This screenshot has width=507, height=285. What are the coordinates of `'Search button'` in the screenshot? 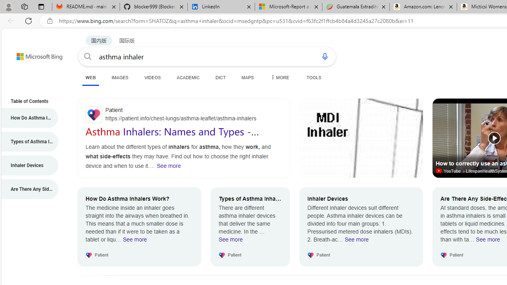 It's located at (88, 56).